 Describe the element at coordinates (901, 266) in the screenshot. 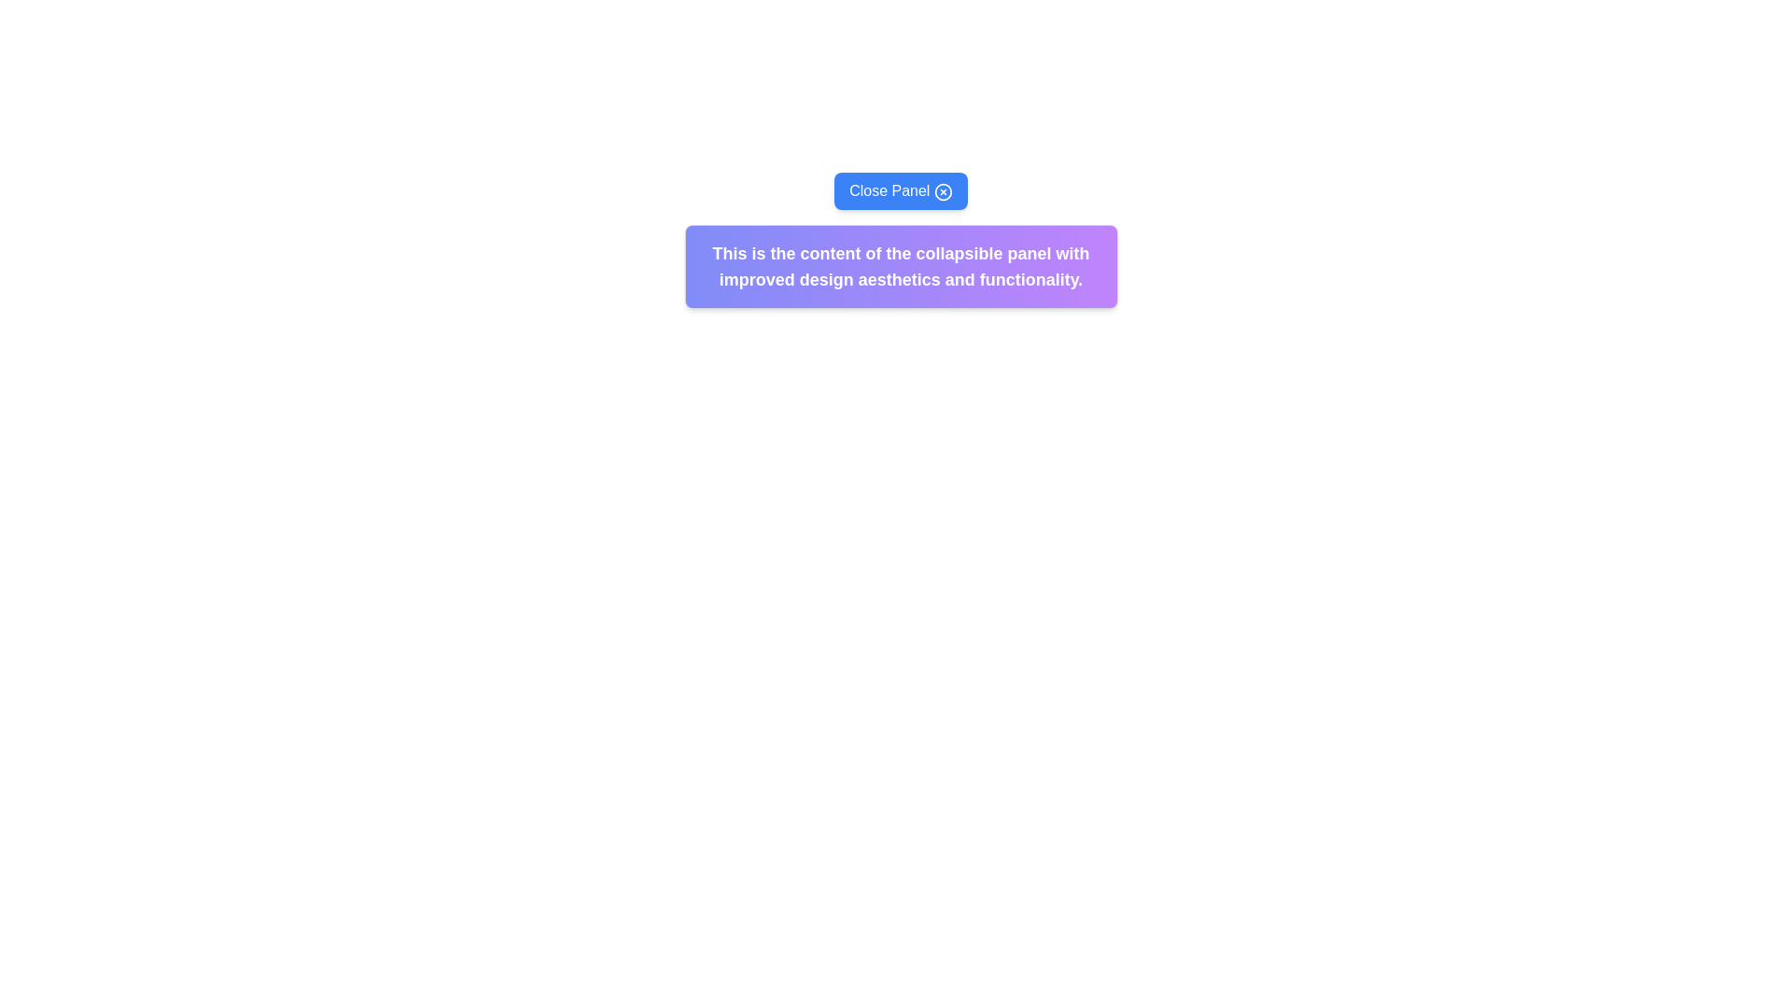

I see `the text content area displaying 'This is the content of the collapsible panel with improved design aesthetics and functionality.' which features a bold font and a purple gradient background` at that location.